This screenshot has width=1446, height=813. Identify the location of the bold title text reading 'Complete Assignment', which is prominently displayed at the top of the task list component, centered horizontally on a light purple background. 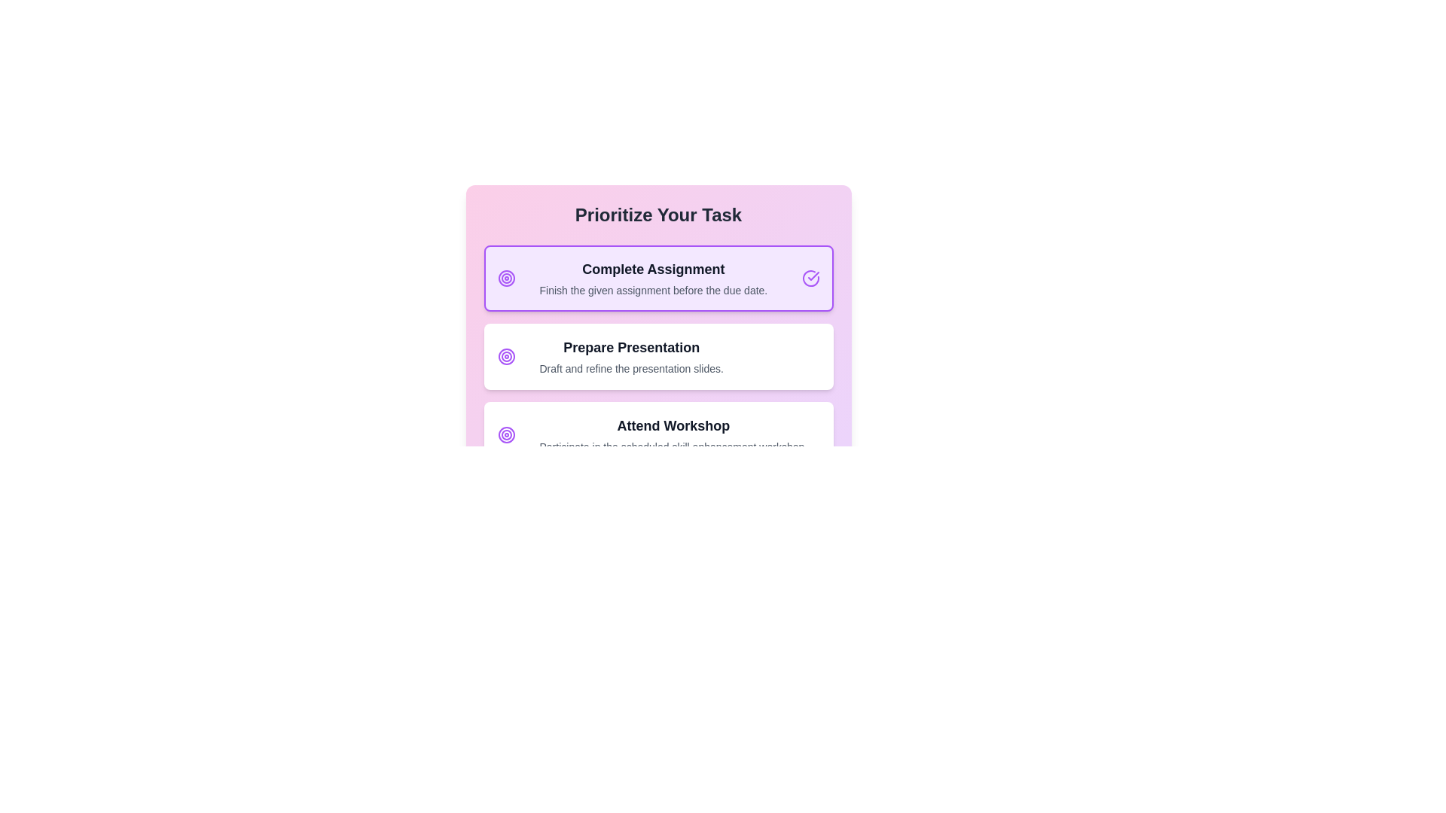
(653, 269).